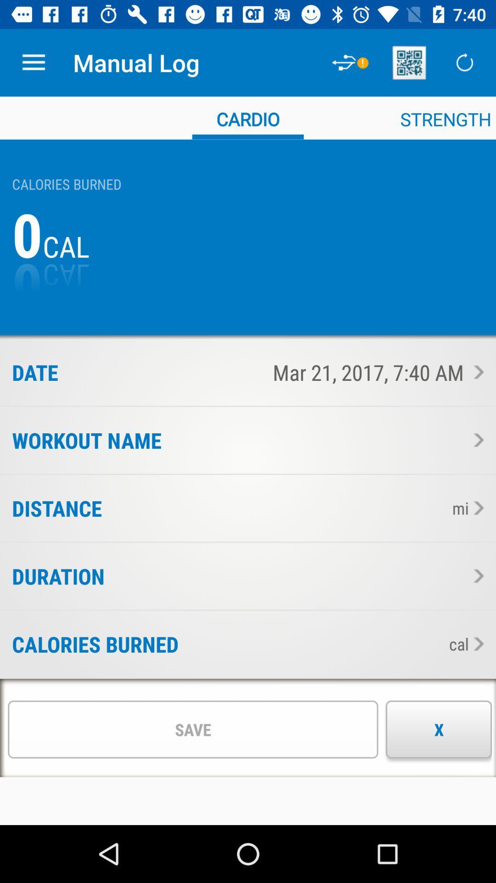 The image size is (496, 883). Describe the element at coordinates (273, 508) in the screenshot. I see `the icon next to the mi` at that location.